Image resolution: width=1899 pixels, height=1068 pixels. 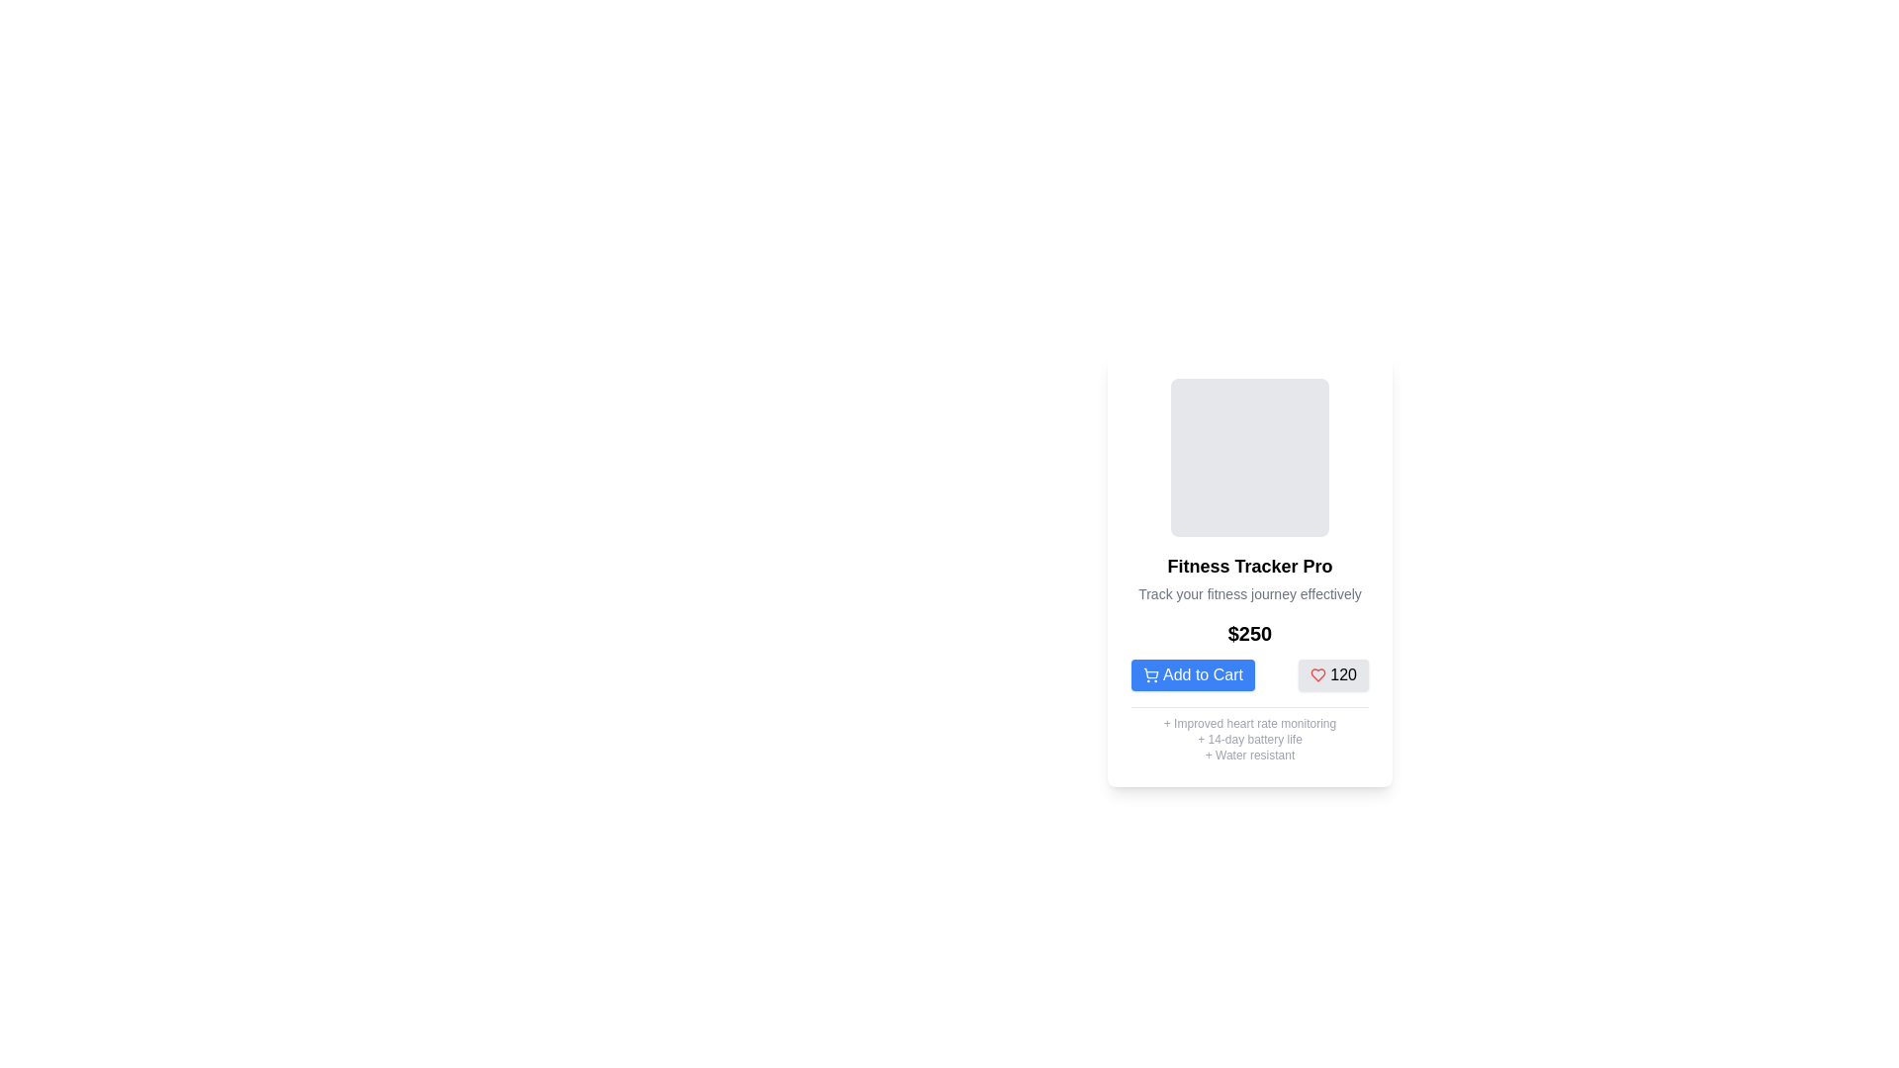 I want to click on the 'Add to Cart' button located at the bottom of the card layout, just beneath the price '$250' and above the product highlights, so click(x=1248, y=673).